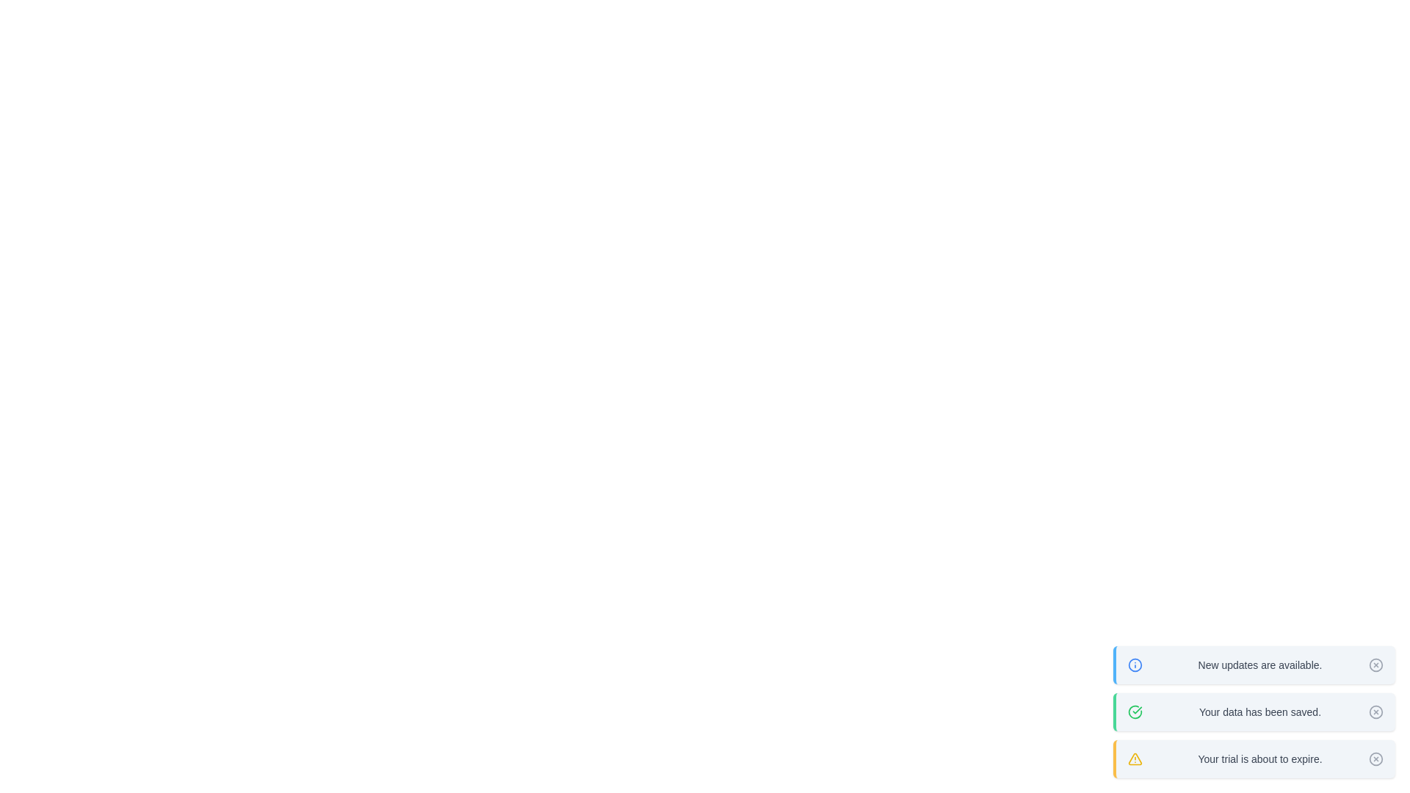 The width and height of the screenshot is (1410, 793). Describe the element at coordinates (1375, 665) in the screenshot. I see `the close button located in the top-right corner of the notification card with the text 'New updates are available.'` at that location.